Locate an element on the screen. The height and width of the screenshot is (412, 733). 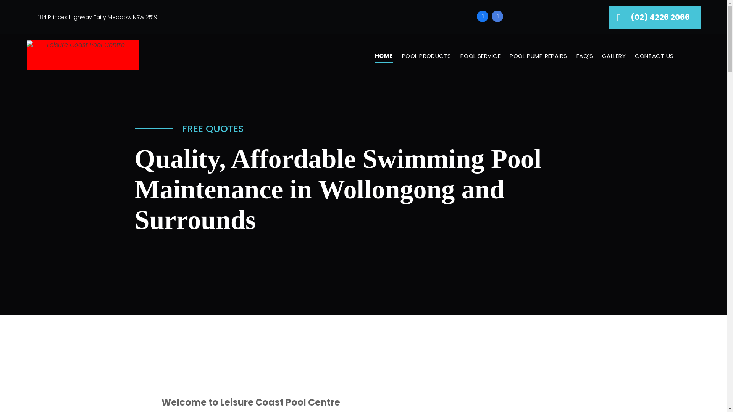
'184 Princes Highway Fairy Meadow NSW 2519' is located at coordinates (97, 16).